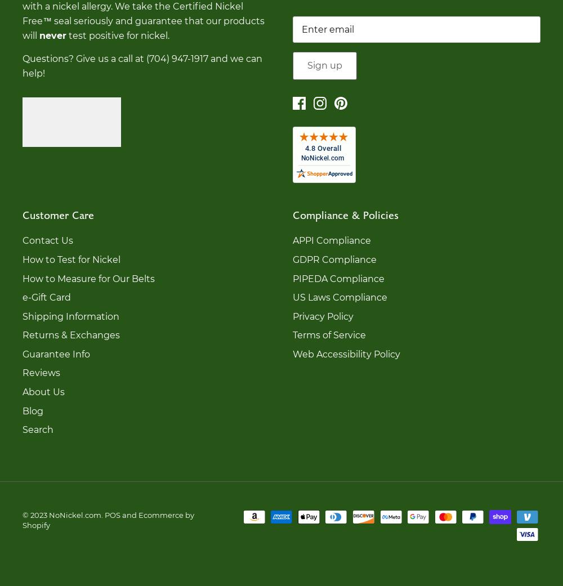  What do you see at coordinates (117, 34) in the screenshot?
I see `'test positive for nickel.'` at bounding box center [117, 34].